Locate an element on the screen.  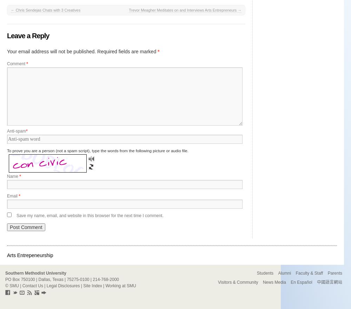
'Contact Us' is located at coordinates (22, 286).